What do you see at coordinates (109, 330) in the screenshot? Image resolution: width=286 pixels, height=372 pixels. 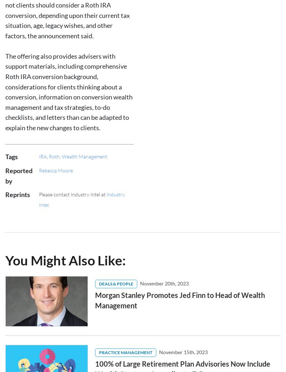 I see `'Advertise'` at bounding box center [109, 330].